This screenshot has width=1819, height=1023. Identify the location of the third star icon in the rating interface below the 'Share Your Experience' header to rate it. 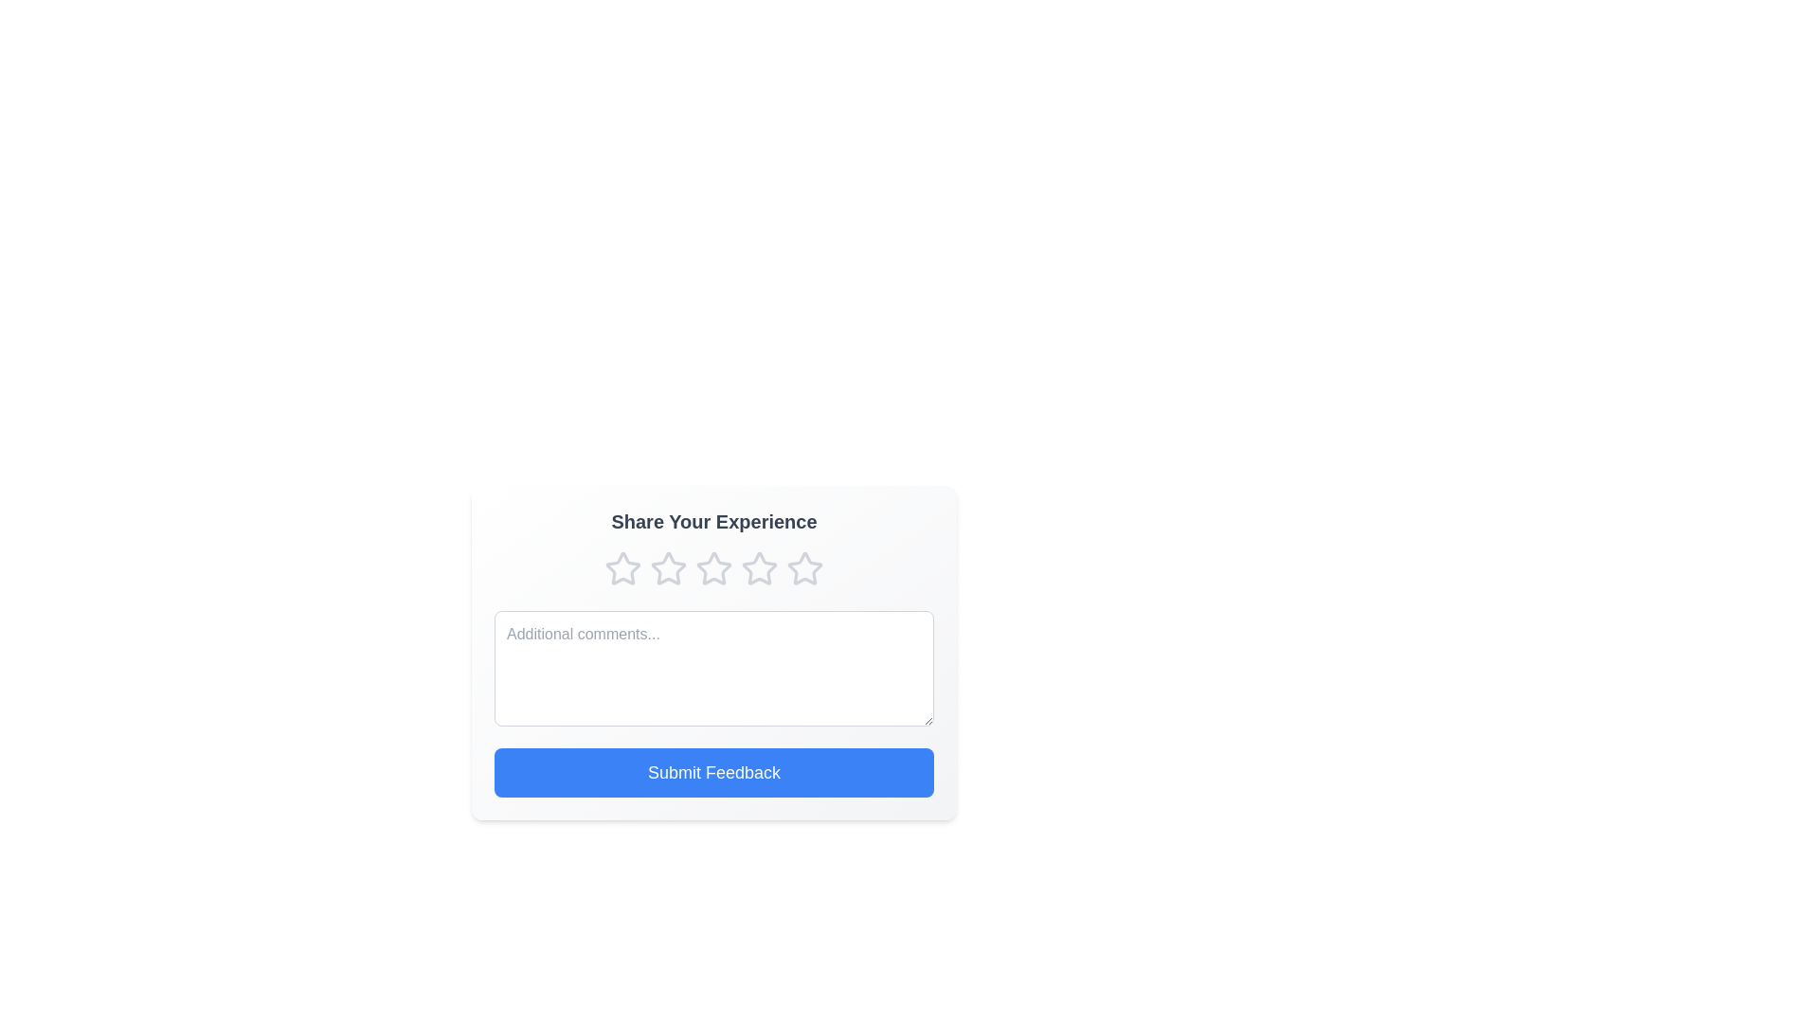
(712, 567).